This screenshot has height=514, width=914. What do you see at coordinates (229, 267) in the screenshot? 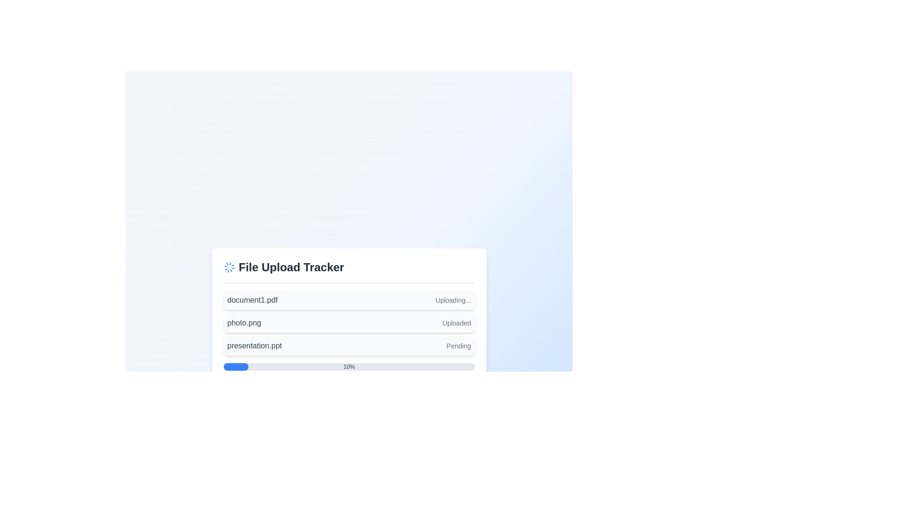
I see `the animated blue loader/spinner icon positioned to the left of the 'File Upload Tracker' text` at bounding box center [229, 267].